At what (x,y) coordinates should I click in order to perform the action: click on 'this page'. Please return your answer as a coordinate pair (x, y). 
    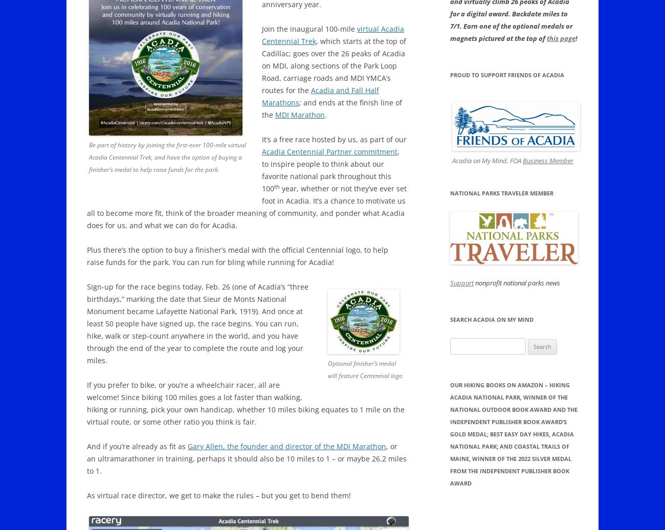
    Looking at the image, I should click on (560, 38).